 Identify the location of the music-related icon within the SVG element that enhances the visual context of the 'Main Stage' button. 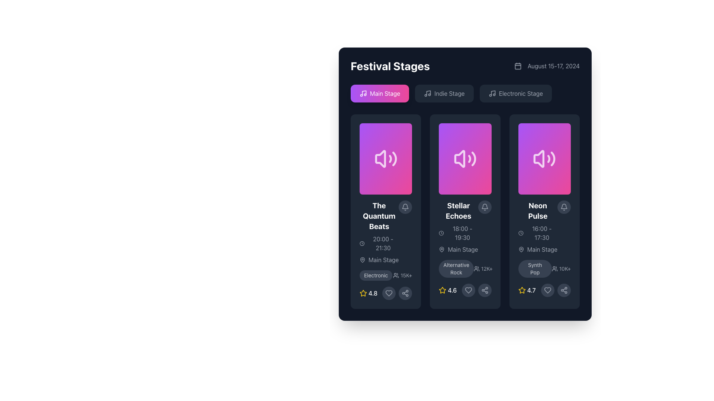
(364, 92).